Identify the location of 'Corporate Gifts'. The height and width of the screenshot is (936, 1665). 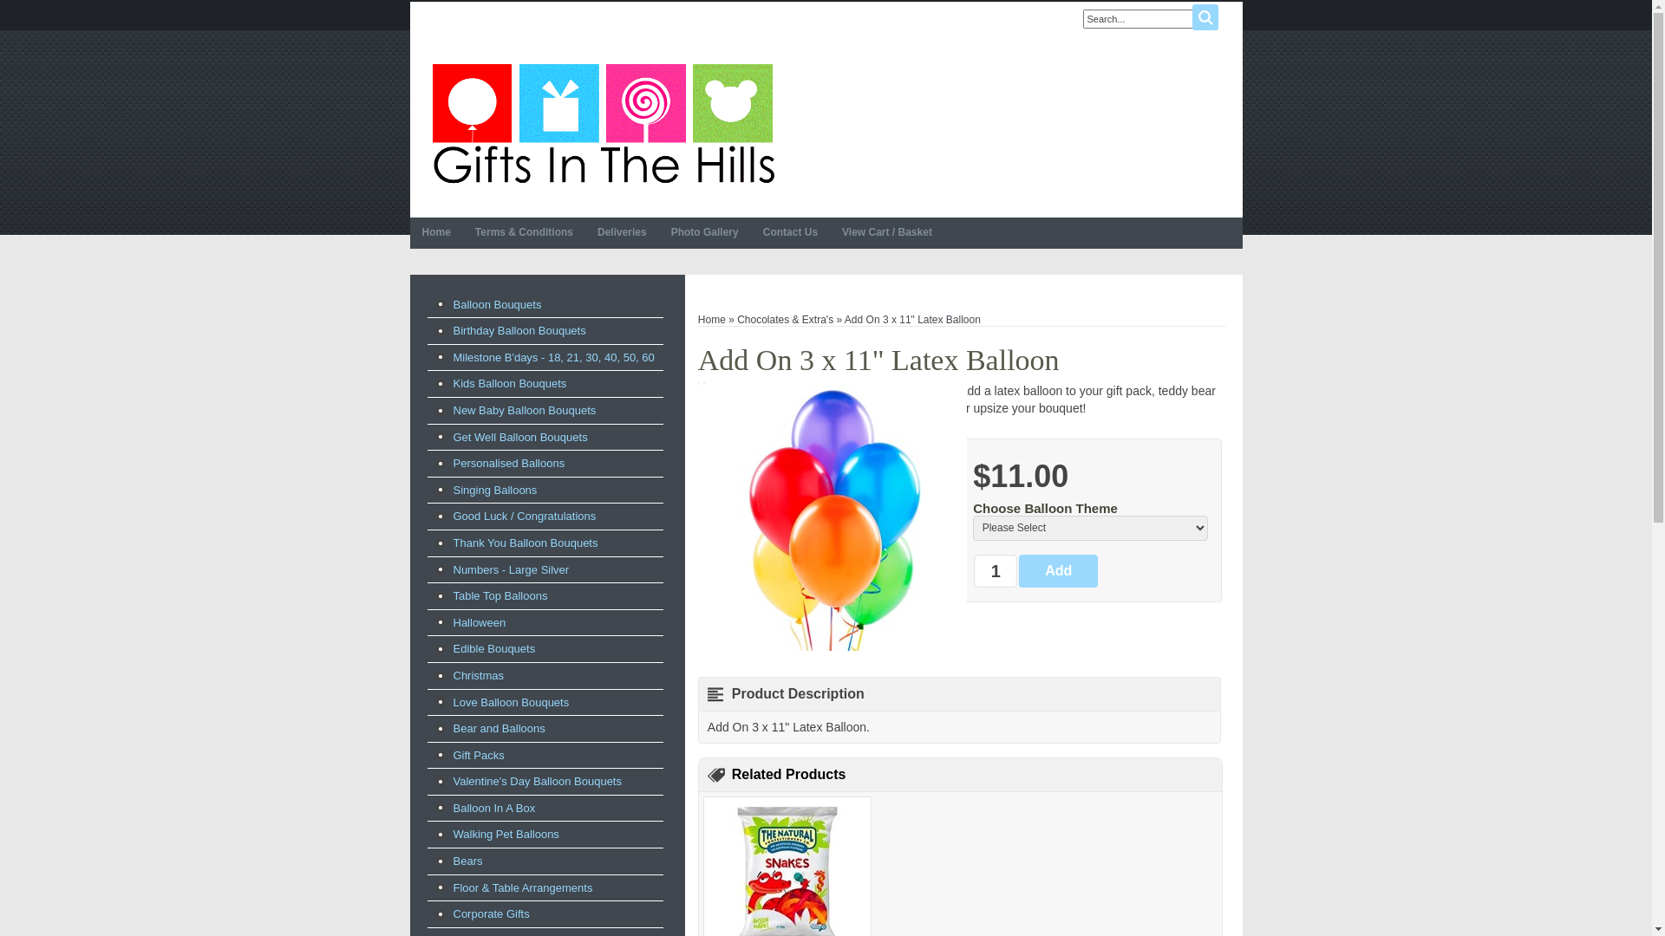
(544, 913).